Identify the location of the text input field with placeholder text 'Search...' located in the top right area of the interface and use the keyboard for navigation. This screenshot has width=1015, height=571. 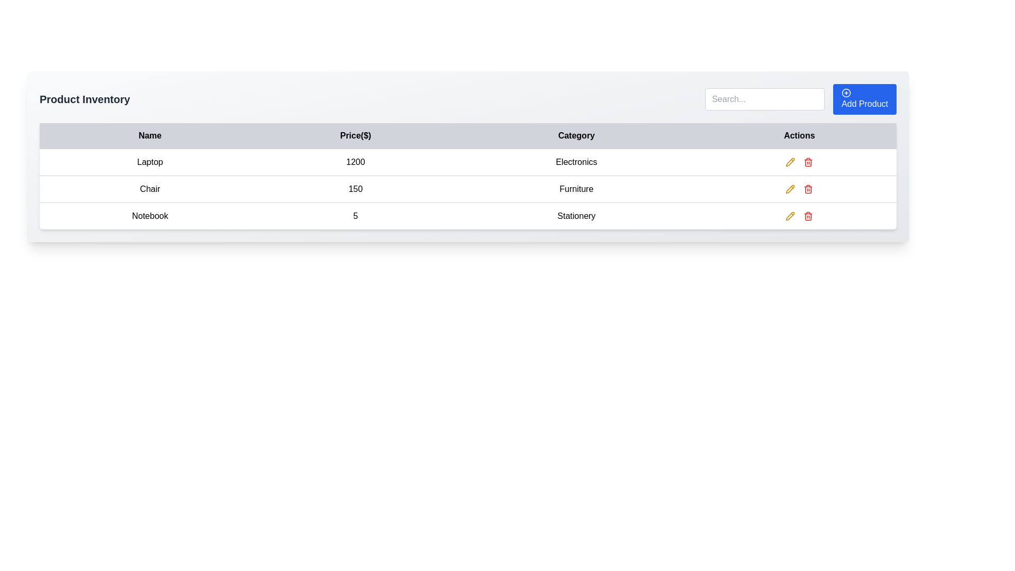
(764, 99).